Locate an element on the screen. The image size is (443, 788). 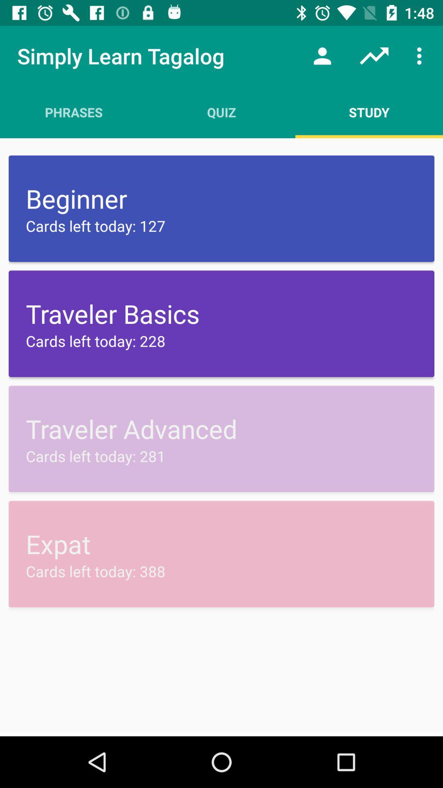
the button beginner is located at coordinates (221, 208).